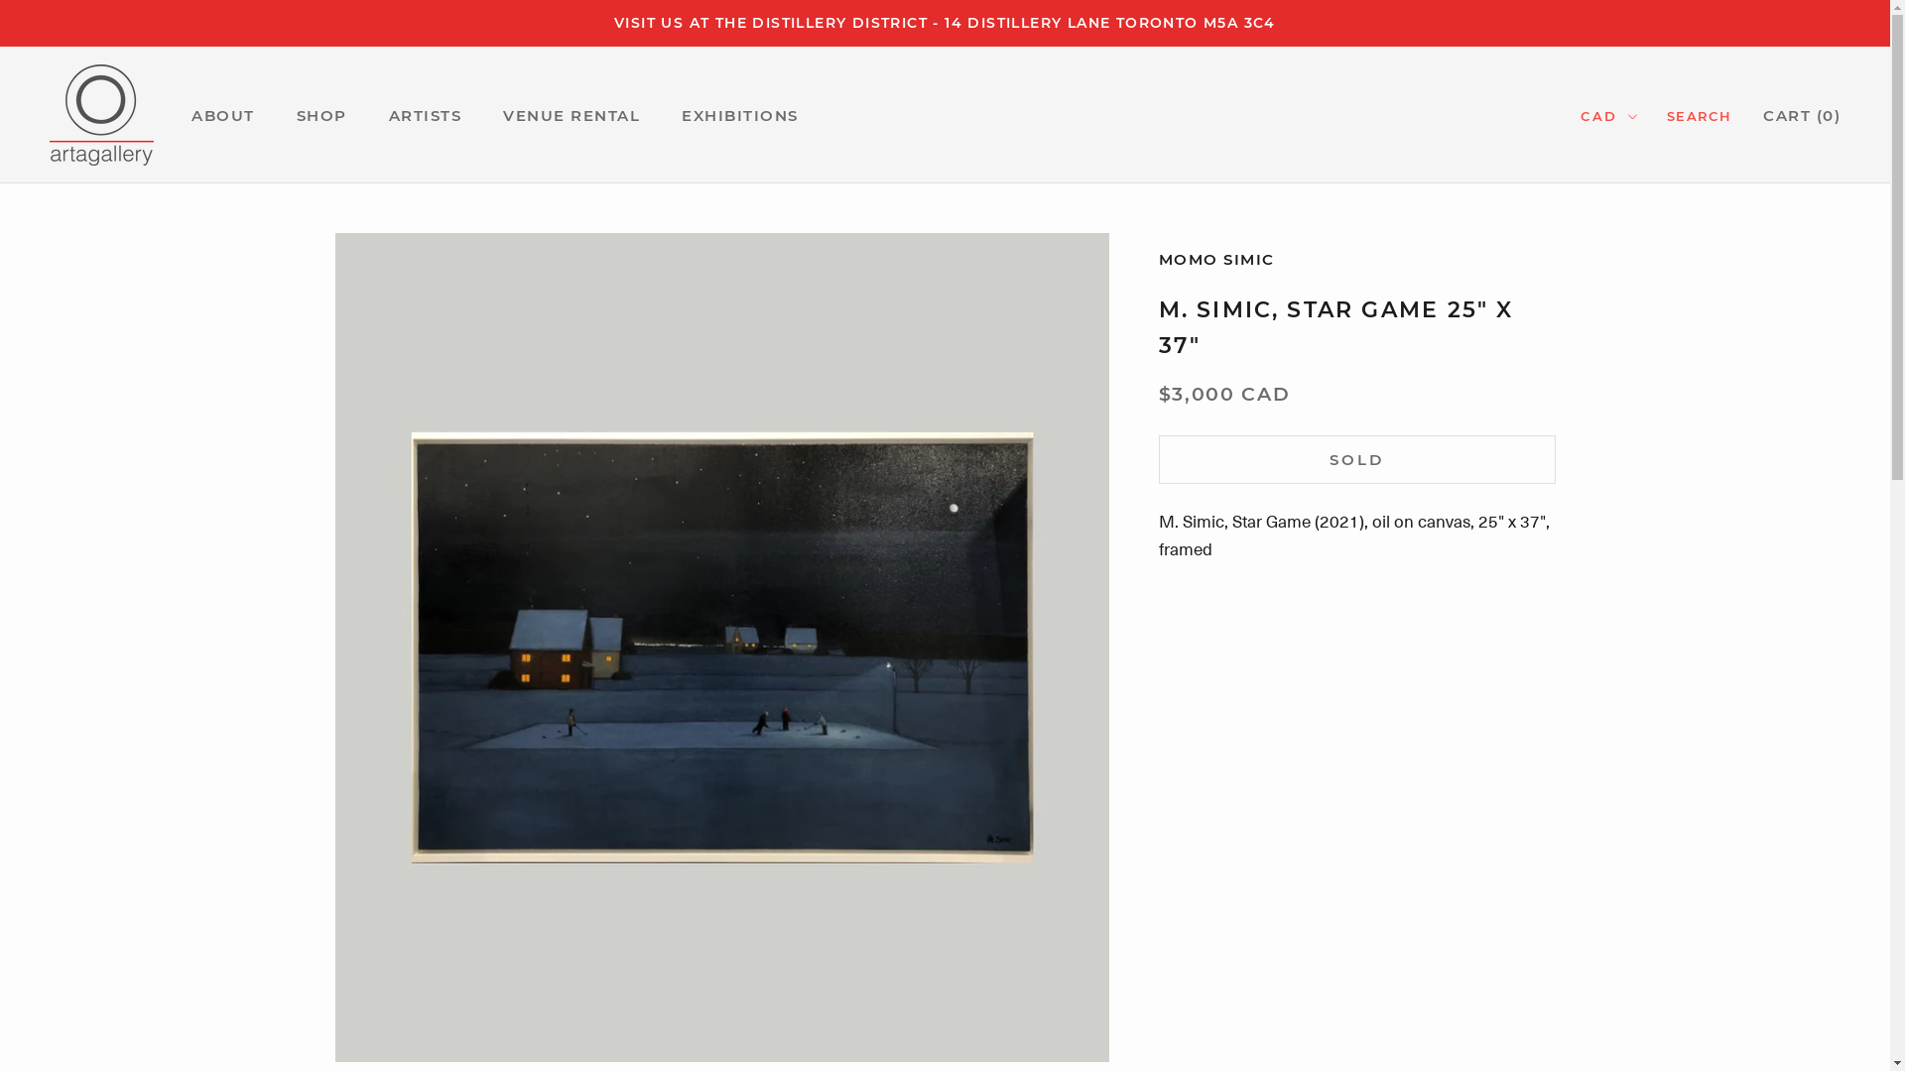 The width and height of the screenshot is (1905, 1071). What do you see at coordinates (738, 115) in the screenshot?
I see `'EXHIBITIONS'` at bounding box center [738, 115].